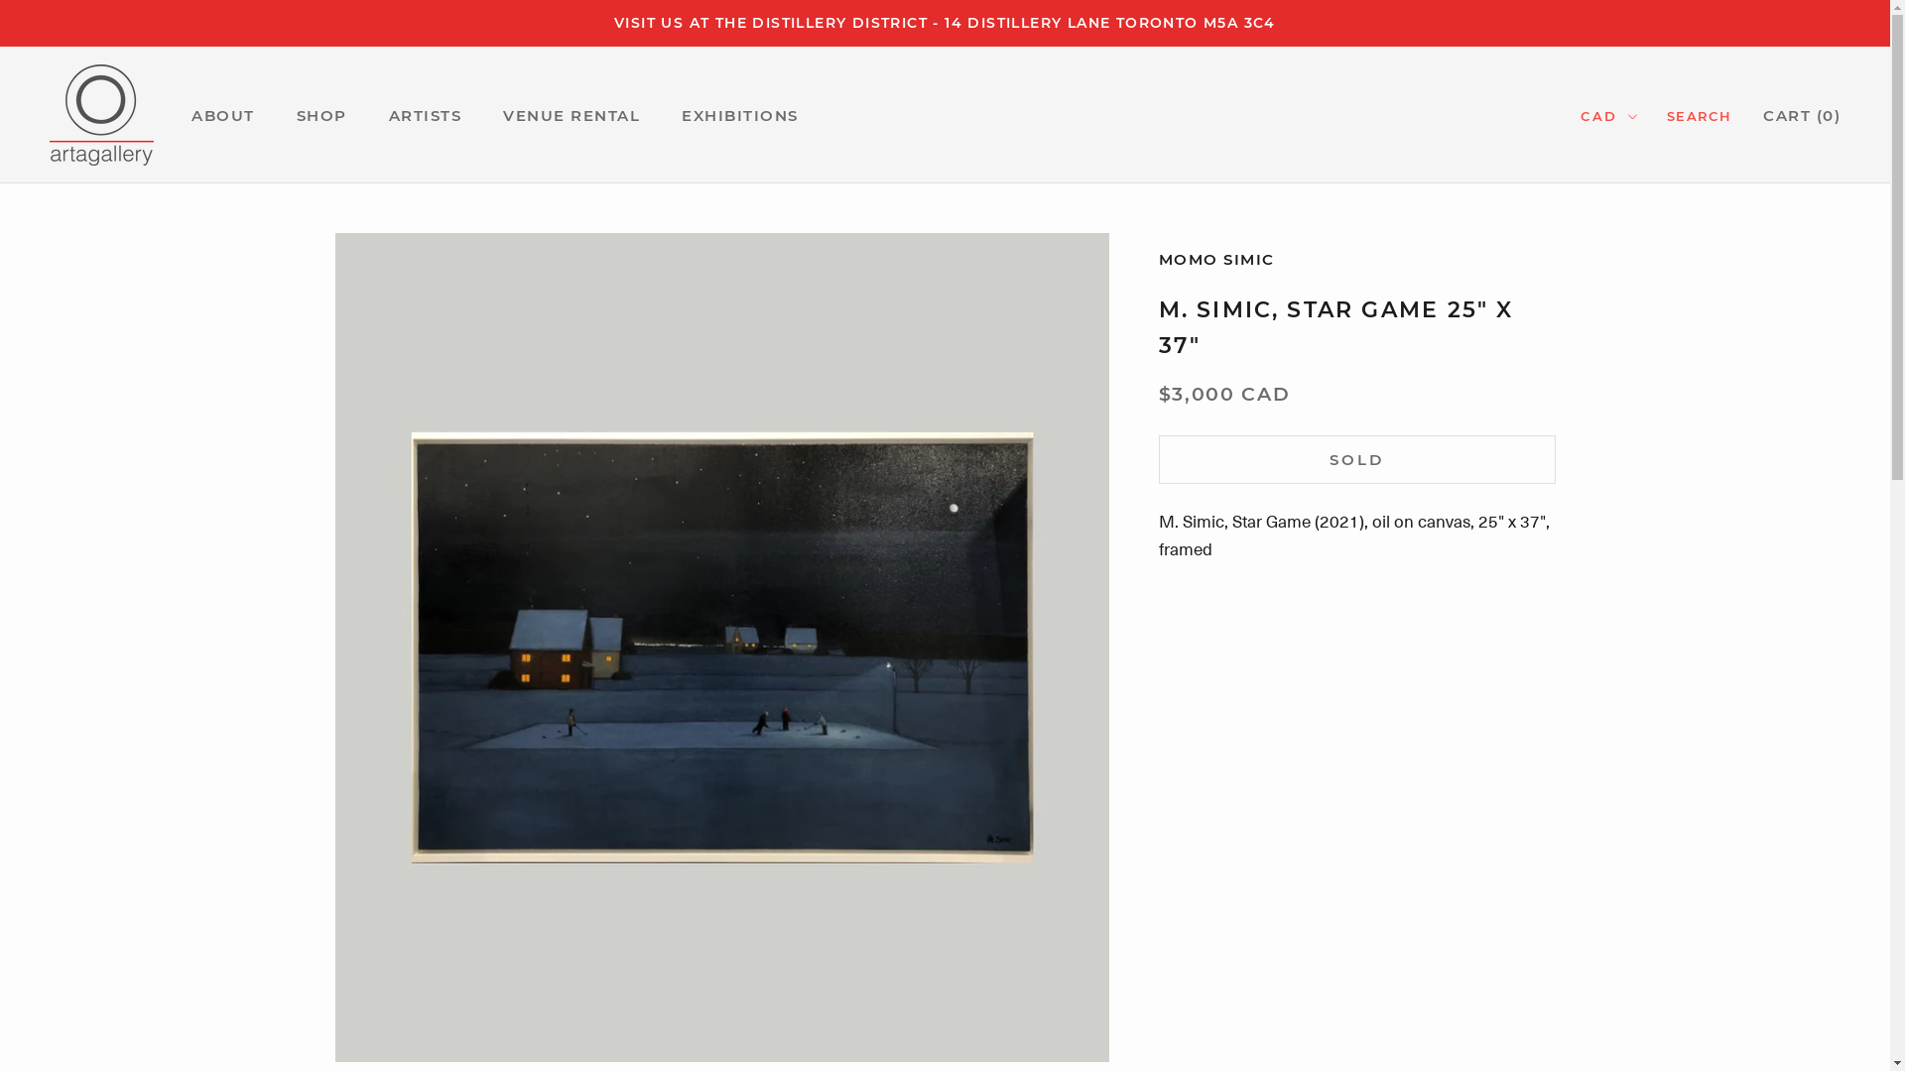 The width and height of the screenshot is (1905, 1071). What do you see at coordinates (738, 115) in the screenshot?
I see `'EXHIBITIONS'` at bounding box center [738, 115].